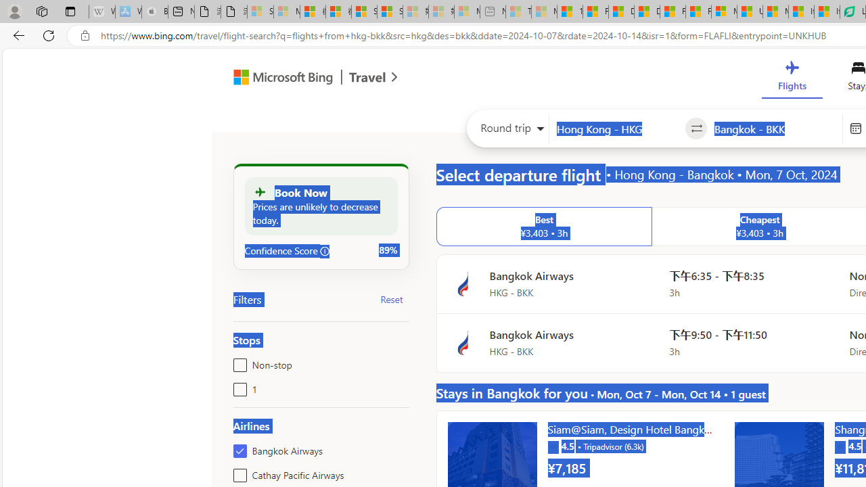  I want to click on 'Sign in to your Microsoft account - Sleeping', so click(260, 11).